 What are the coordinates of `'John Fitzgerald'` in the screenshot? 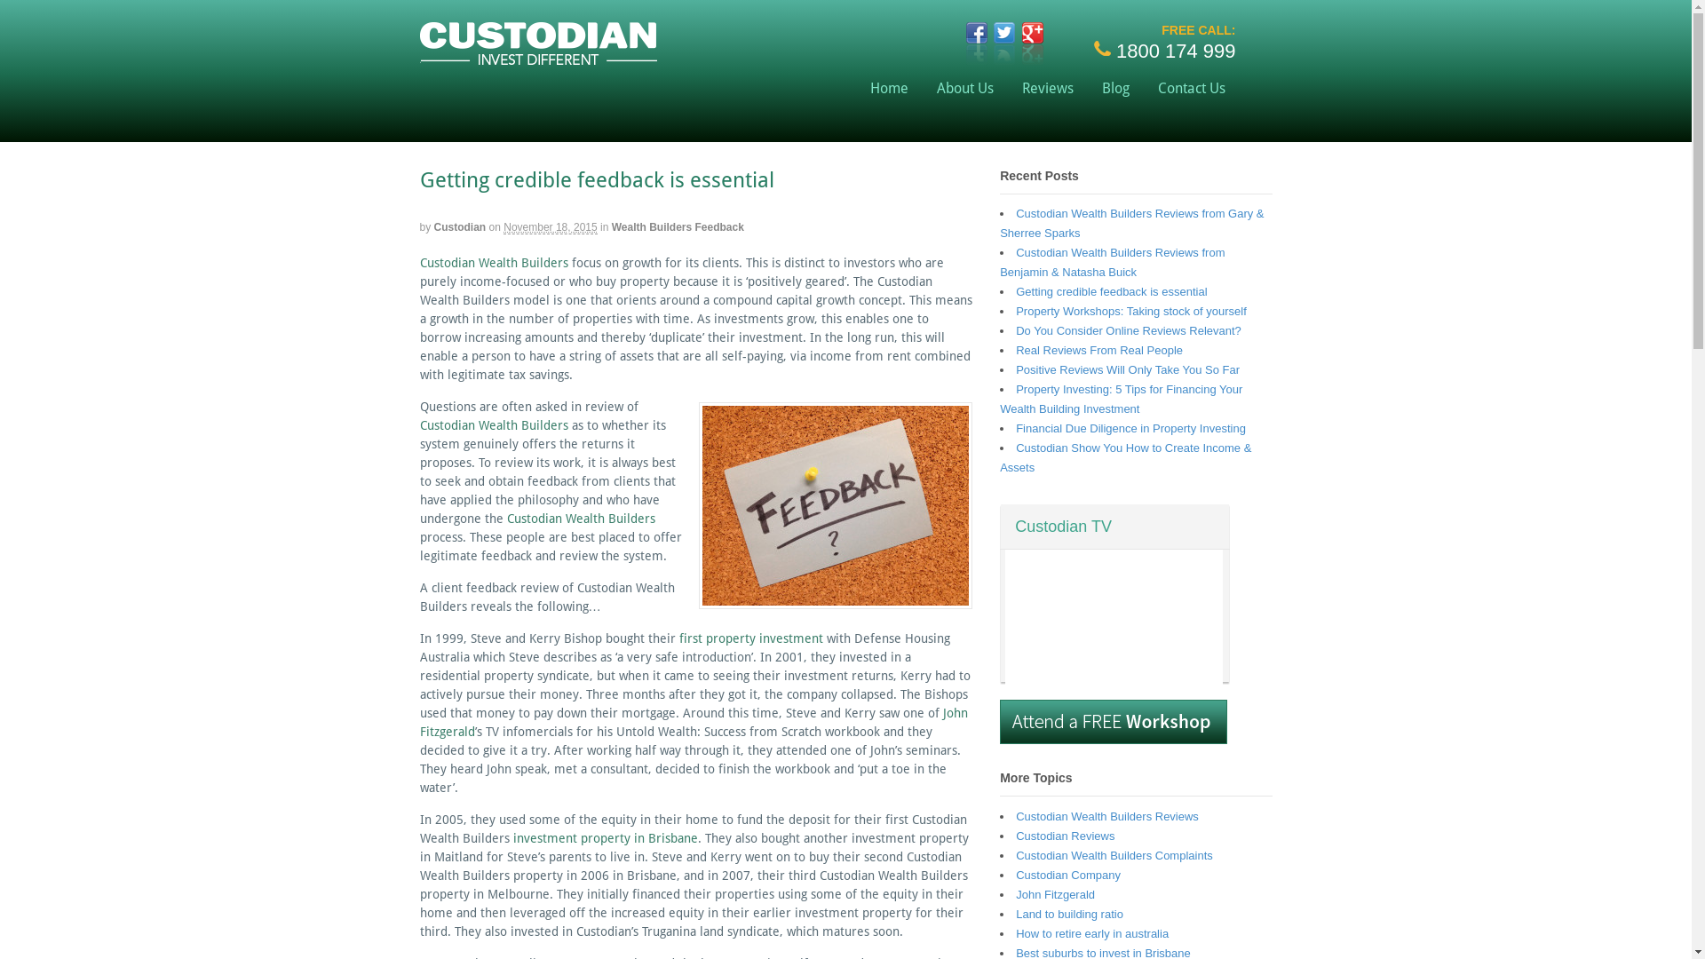 It's located at (417, 722).